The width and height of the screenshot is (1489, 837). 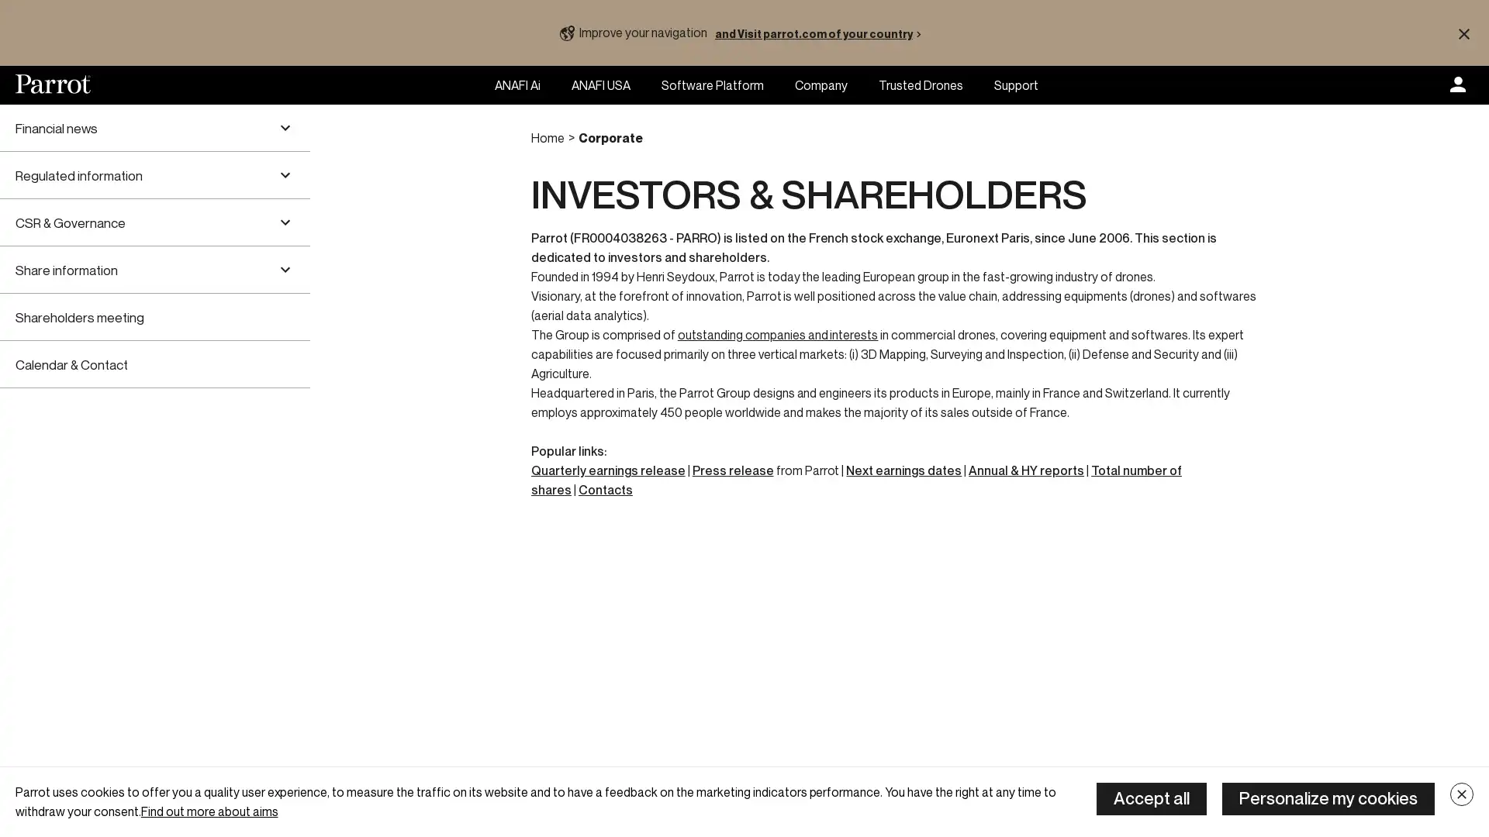 What do you see at coordinates (1457, 85) in the screenshot?
I see `my-parrot` at bounding box center [1457, 85].